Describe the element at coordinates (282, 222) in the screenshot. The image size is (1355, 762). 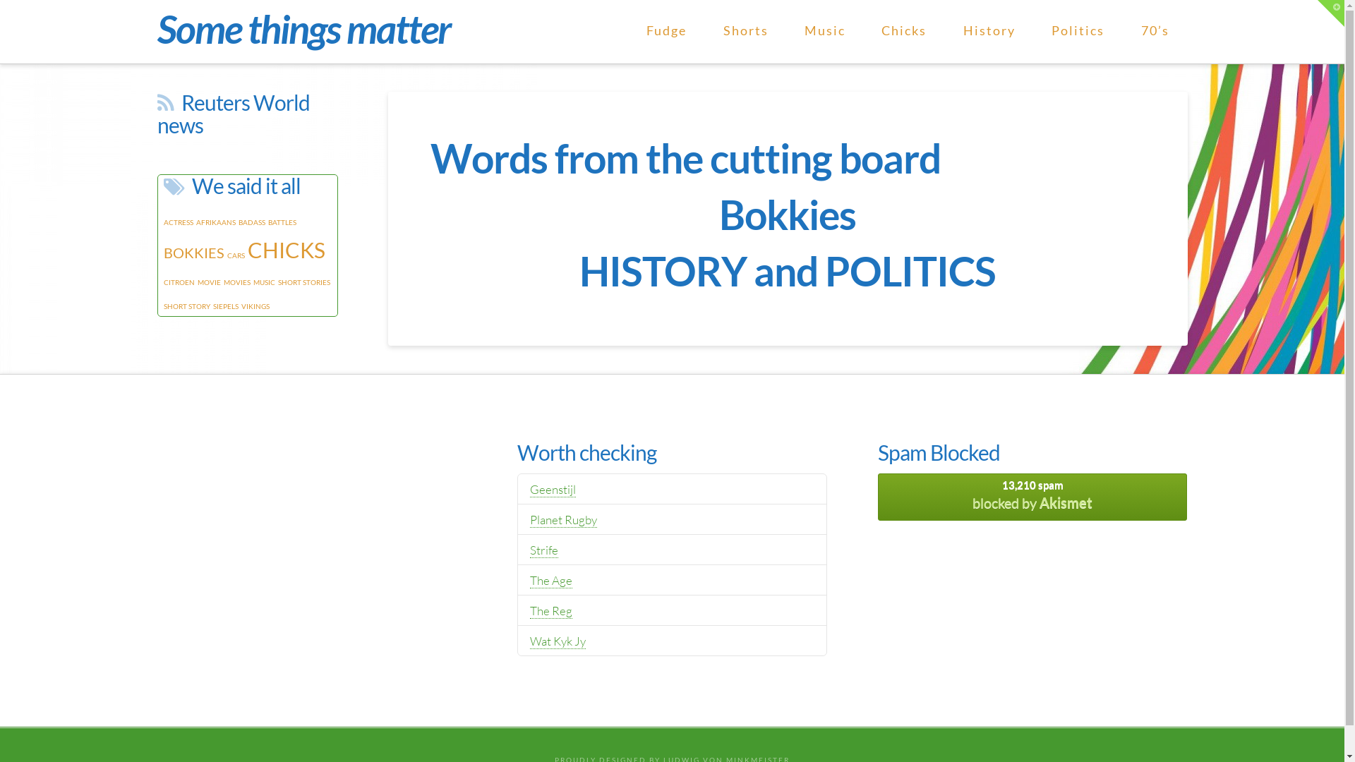
I see `'BATTLES'` at that location.